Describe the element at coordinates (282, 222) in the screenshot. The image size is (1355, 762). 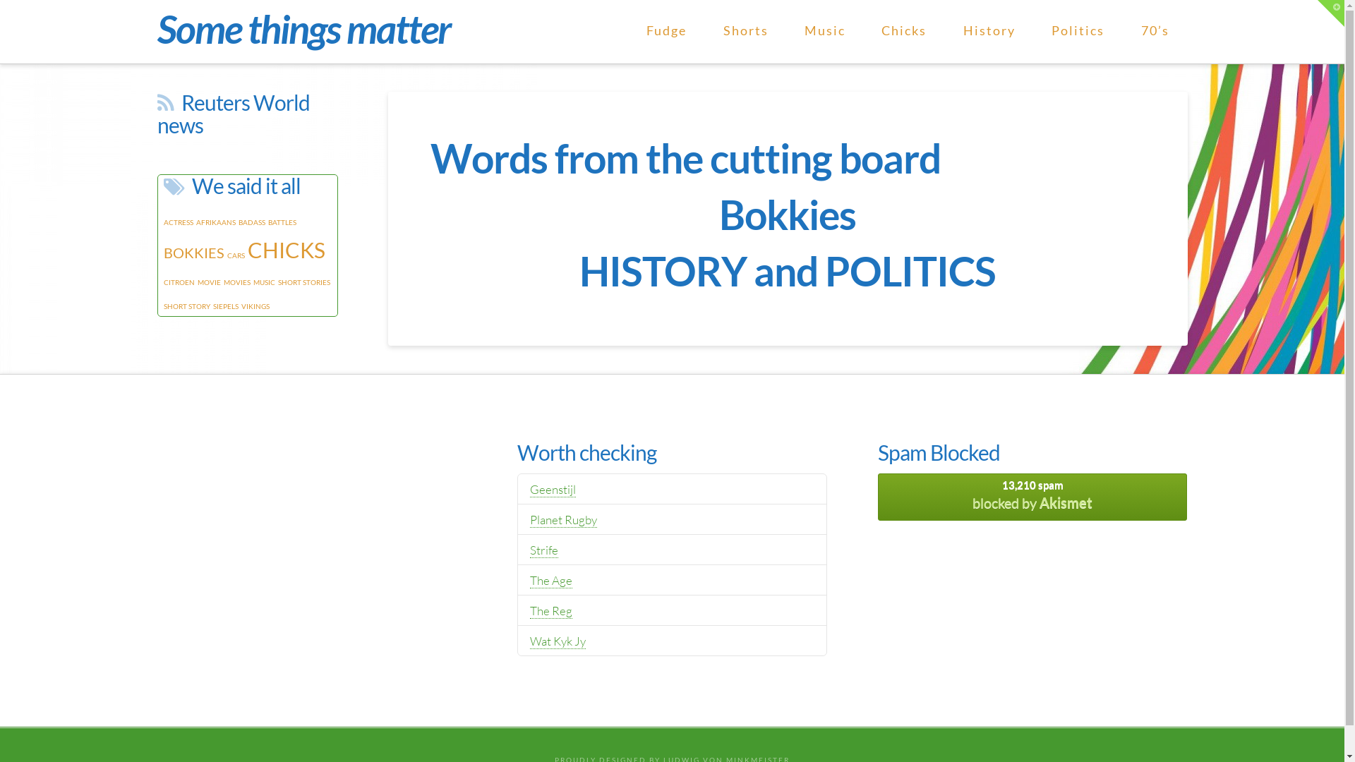
I see `'BATTLES'` at that location.